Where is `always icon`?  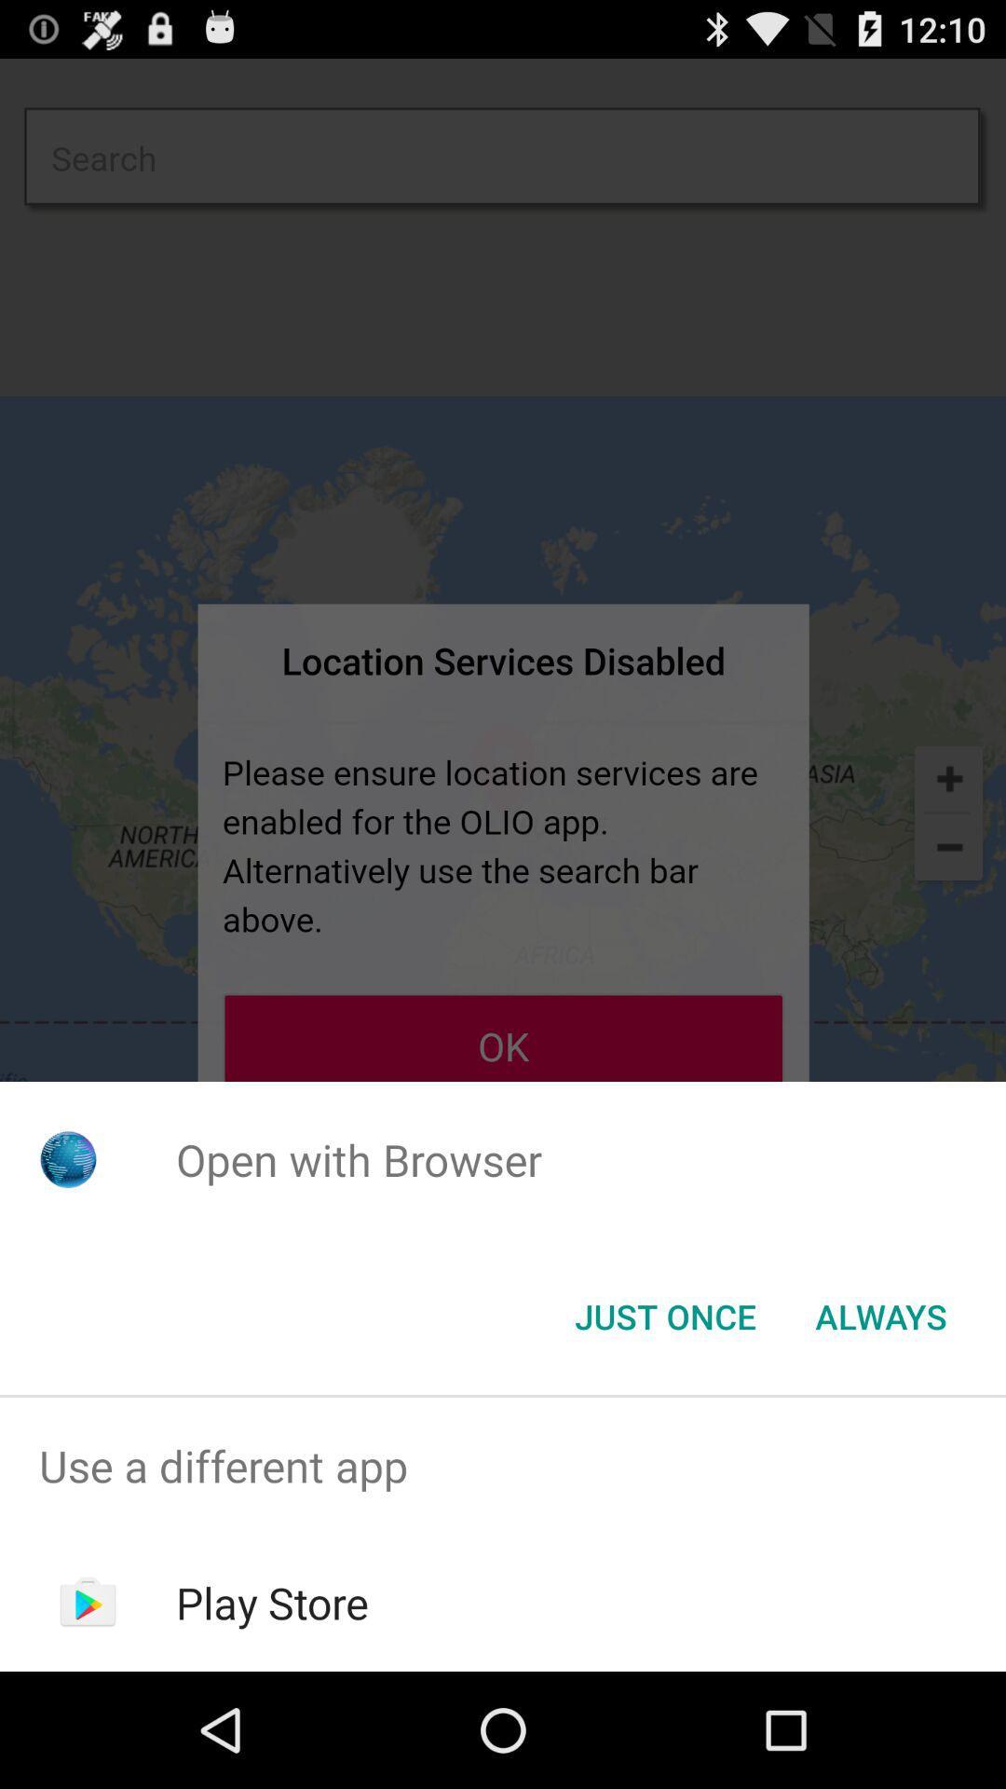 always icon is located at coordinates (880, 1315).